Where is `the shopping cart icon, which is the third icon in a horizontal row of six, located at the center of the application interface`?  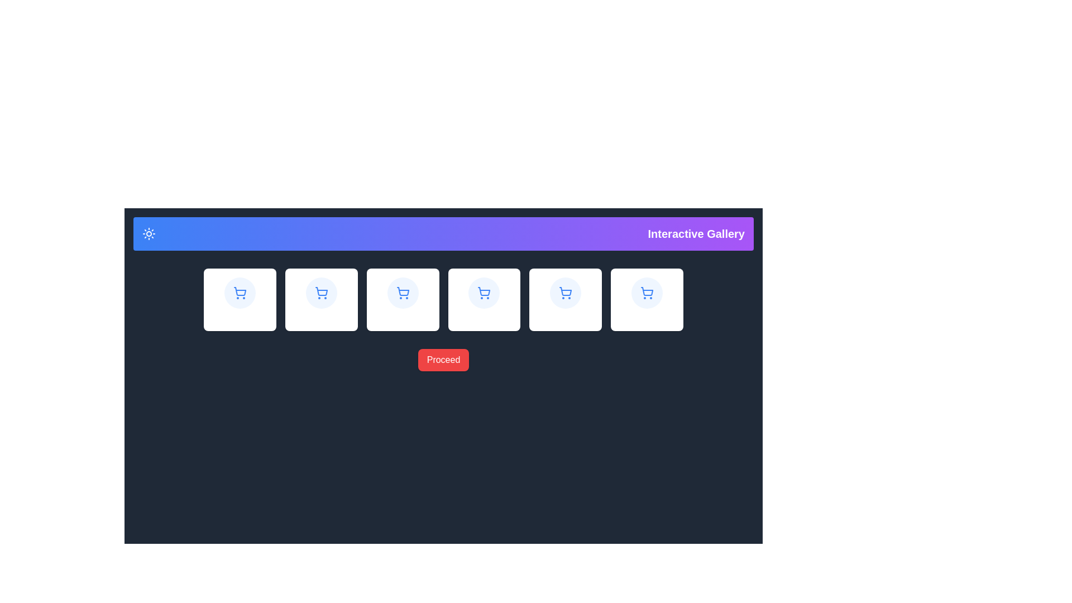 the shopping cart icon, which is the third icon in a horizontal row of six, located at the center of the application interface is located at coordinates (402, 291).